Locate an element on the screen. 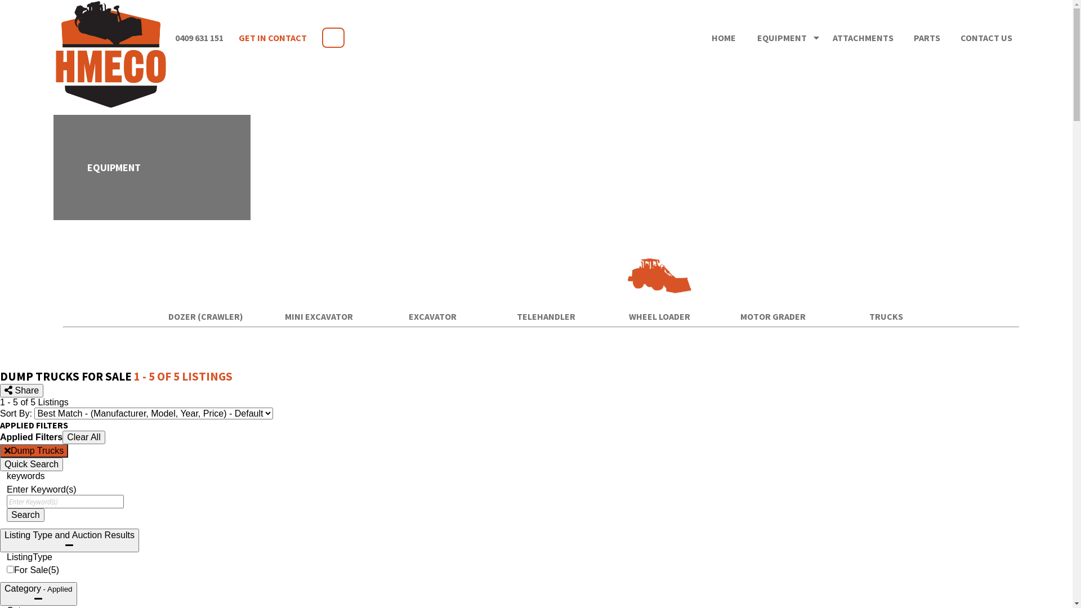  'Search' is located at coordinates (25, 515).